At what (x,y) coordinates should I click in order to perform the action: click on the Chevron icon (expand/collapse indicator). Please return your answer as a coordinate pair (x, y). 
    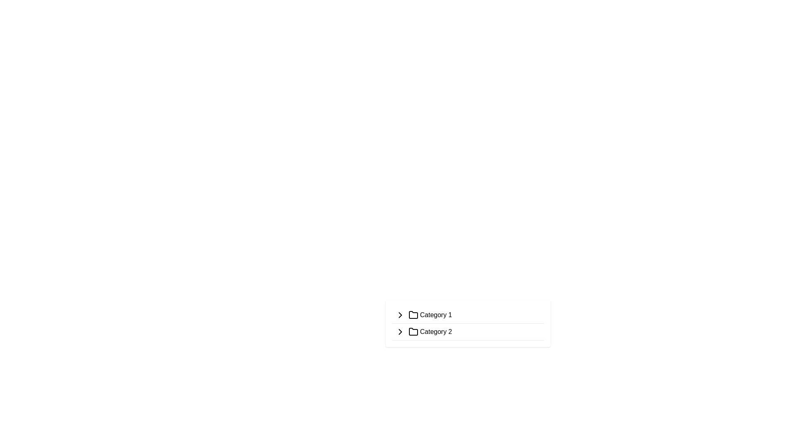
    Looking at the image, I should click on (400, 315).